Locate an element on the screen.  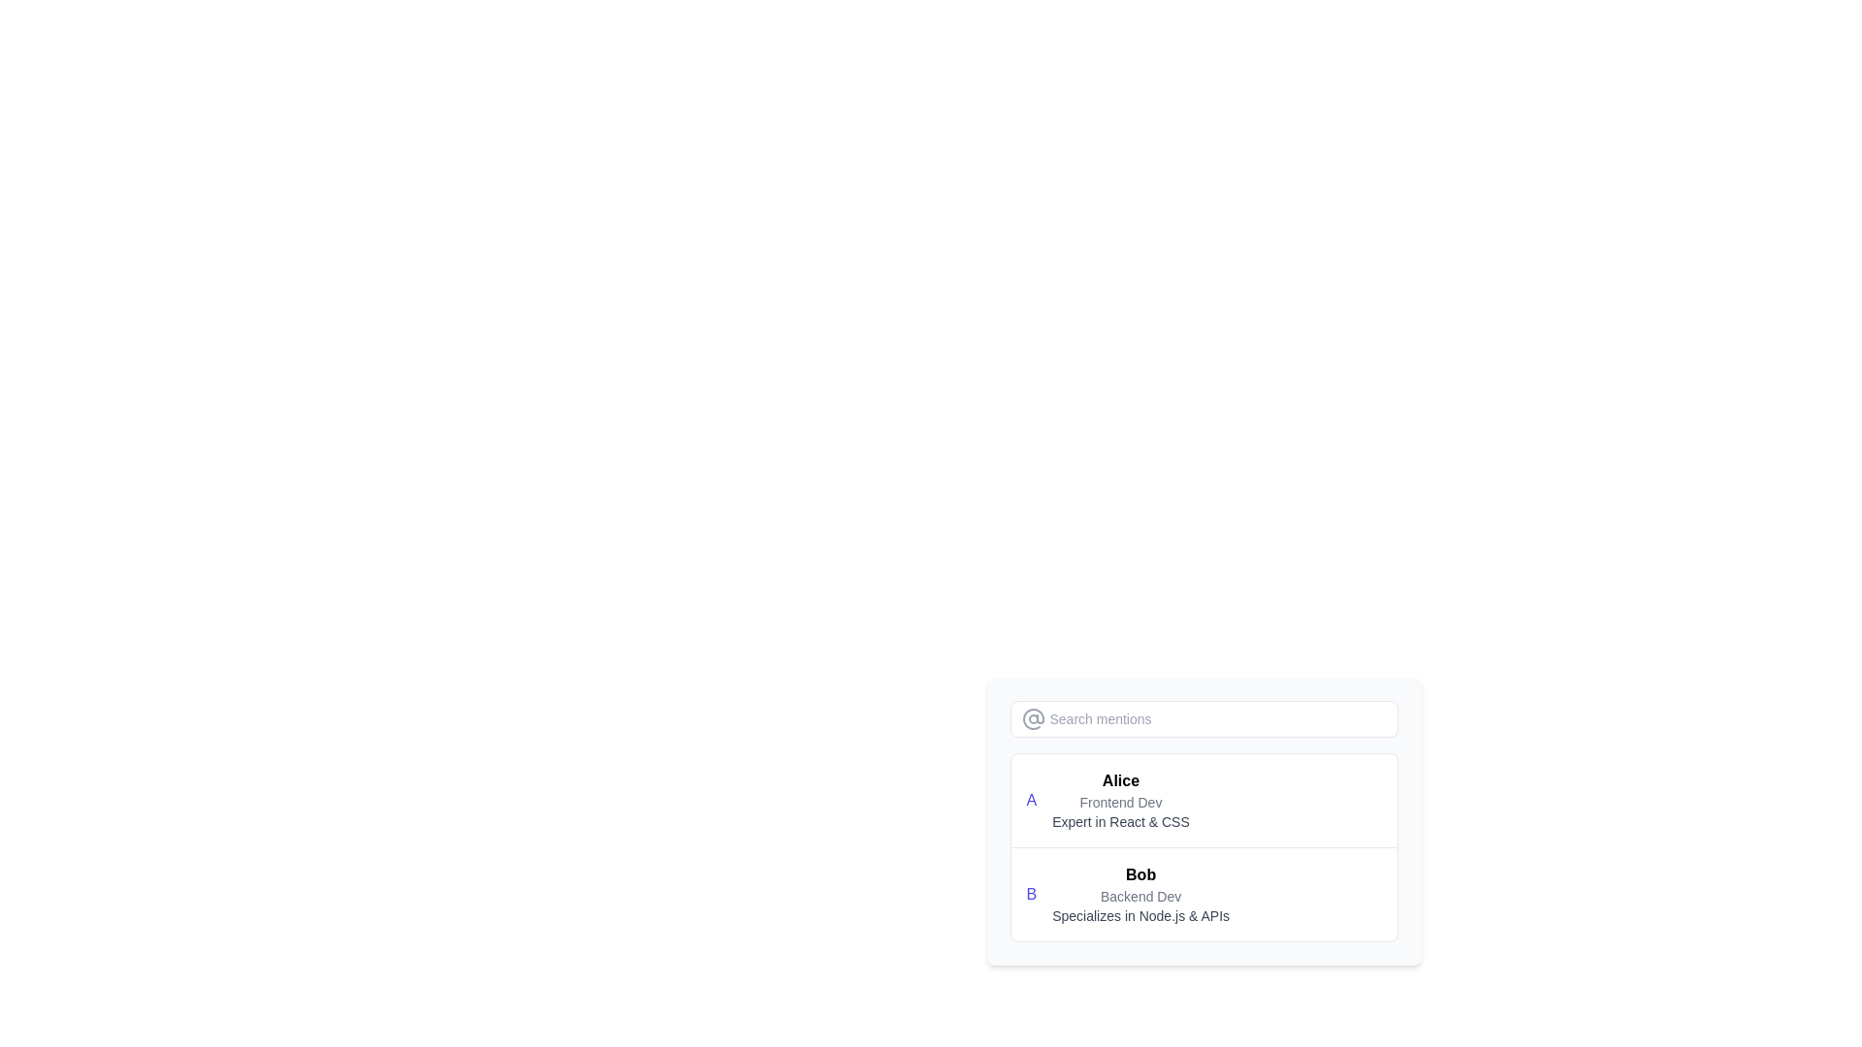
the icon located to the left of the text input field in the search bar, which indicates that the adjacent field can be used to search for mentions or email addresses is located at coordinates (1032, 718).